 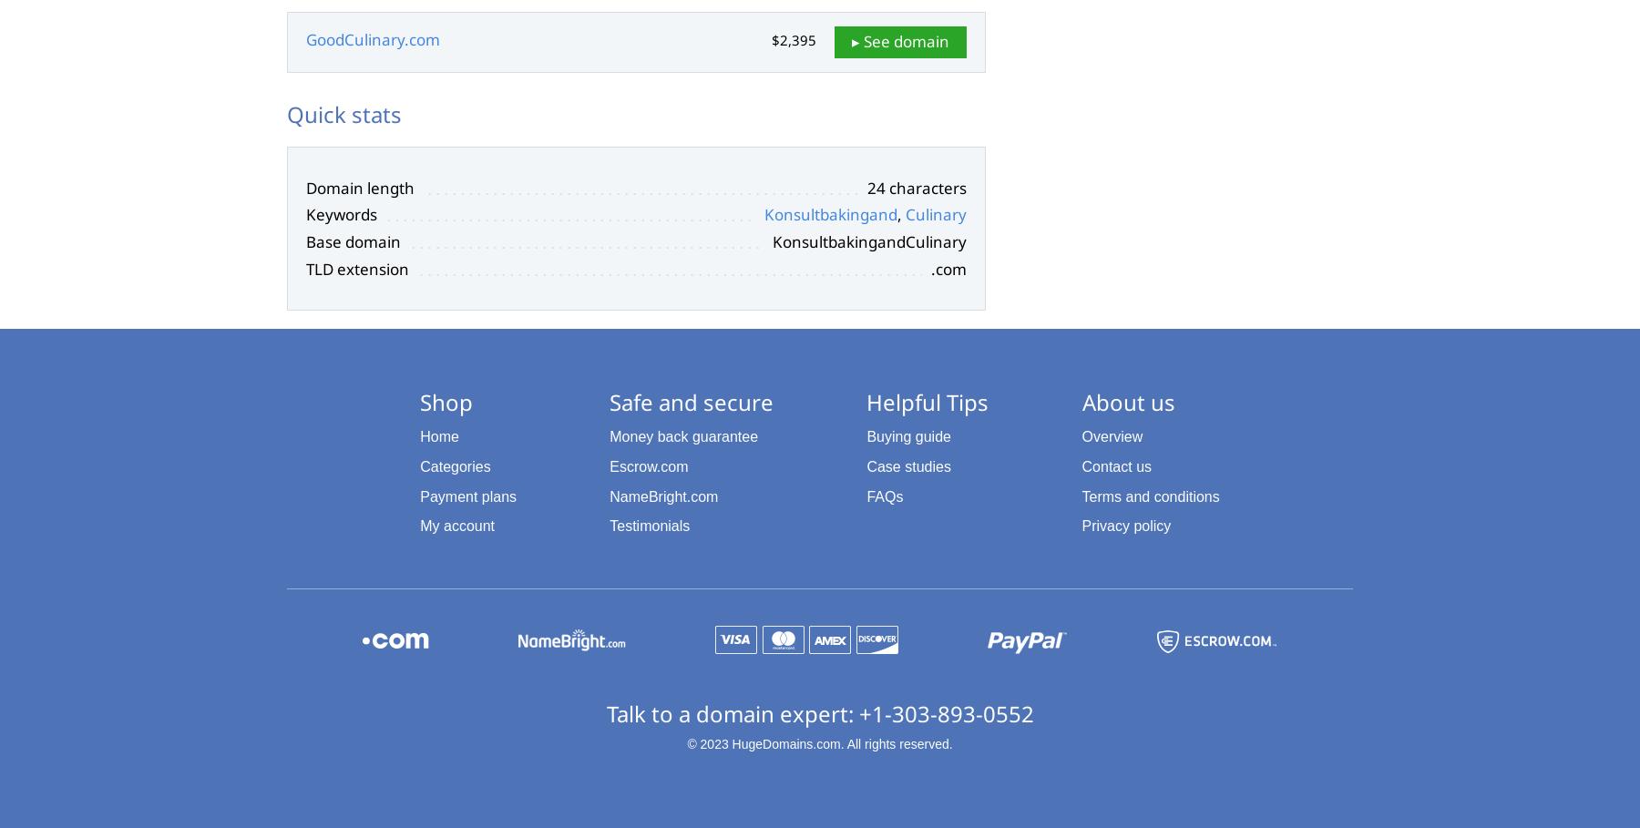 What do you see at coordinates (418, 465) in the screenshot?
I see `'Categories'` at bounding box center [418, 465].